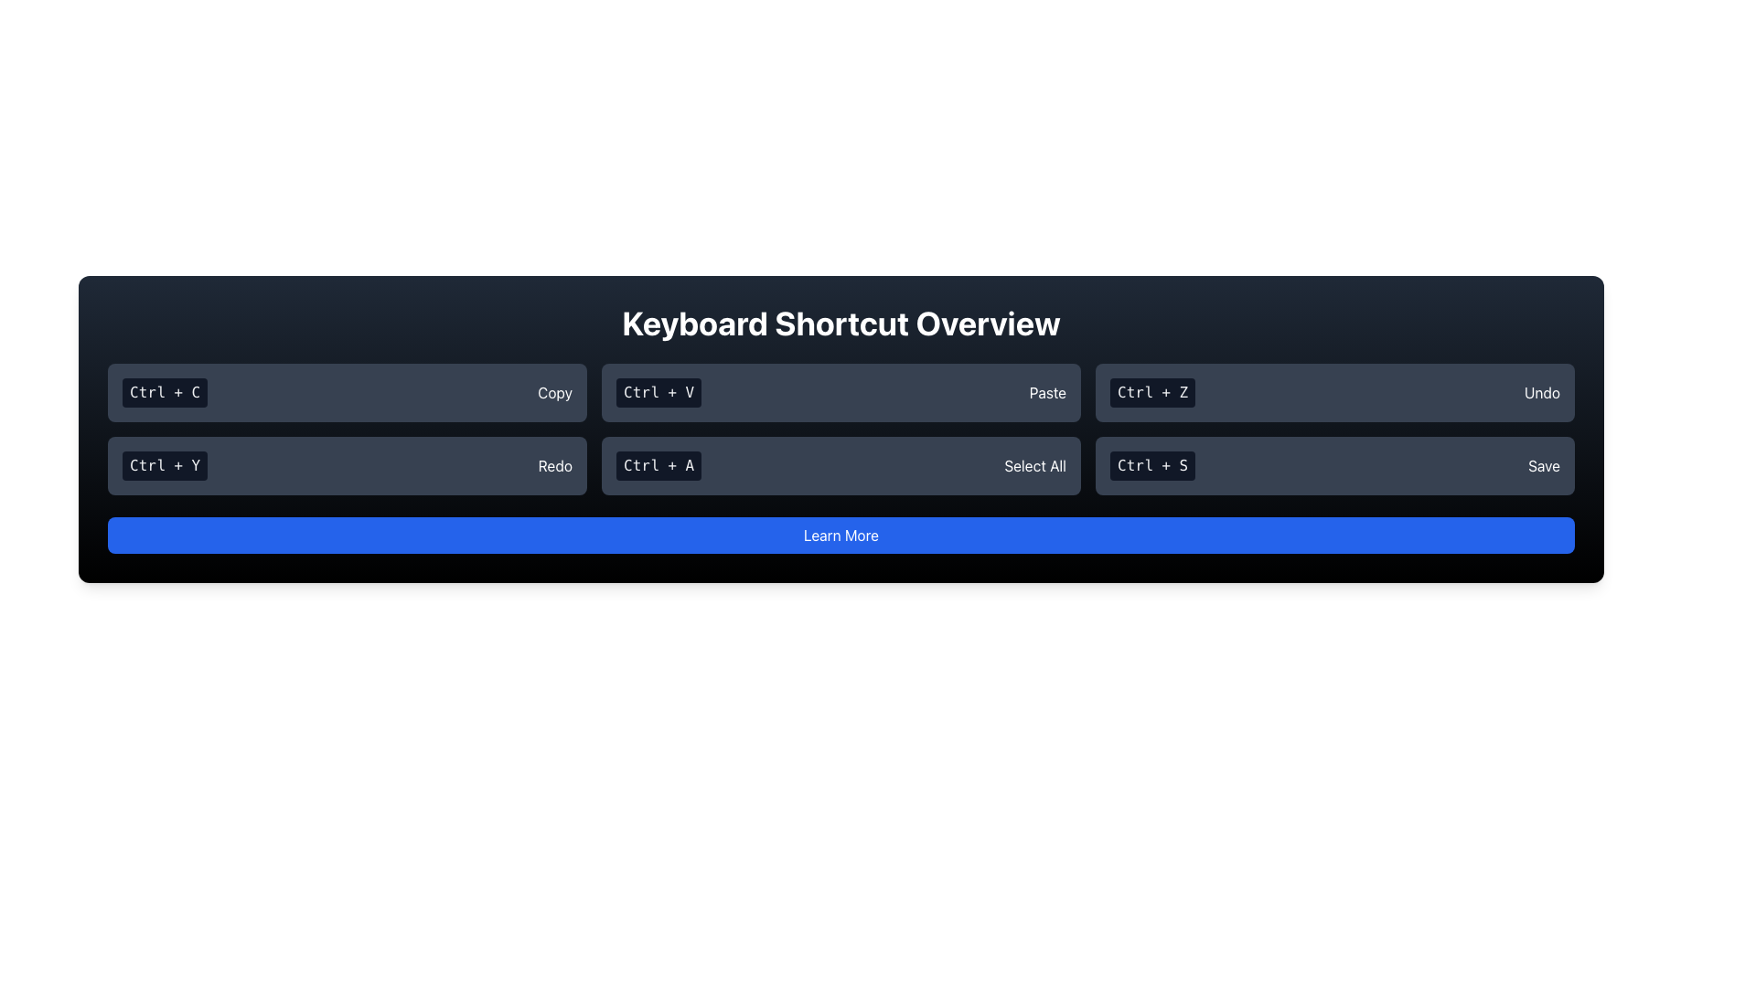 The width and height of the screenshot is (1756, 987). Describe the element at coordinates (658, 391) in the screenshot. I see `the small pill-shaped Text Label displaying 'Ctrl + V' in a monospace font, which has a dark gray background and light gray text` at that location.